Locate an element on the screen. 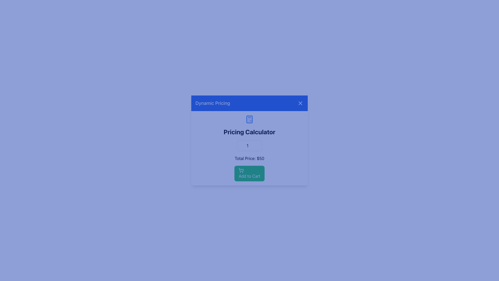  the Static Text Label displaying 'Total Price: $50' which is positioned below the numeric input field and above the 'Add to Cart' button in the 'Pricing Calculator' dialog is located at coordinates (249, 158).